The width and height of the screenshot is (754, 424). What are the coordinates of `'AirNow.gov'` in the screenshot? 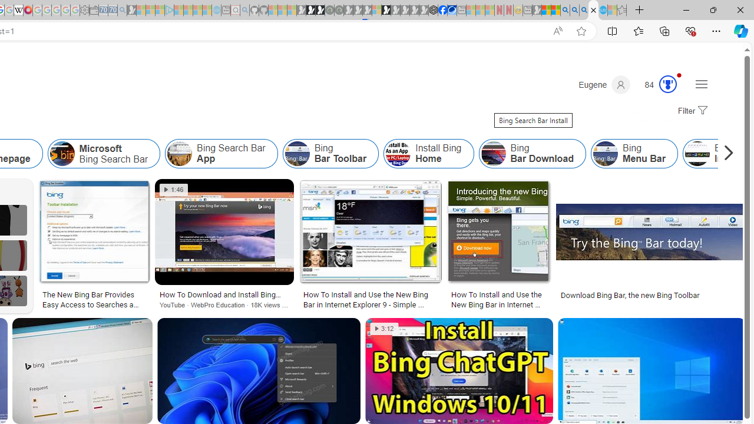 It's located at (451, 10).